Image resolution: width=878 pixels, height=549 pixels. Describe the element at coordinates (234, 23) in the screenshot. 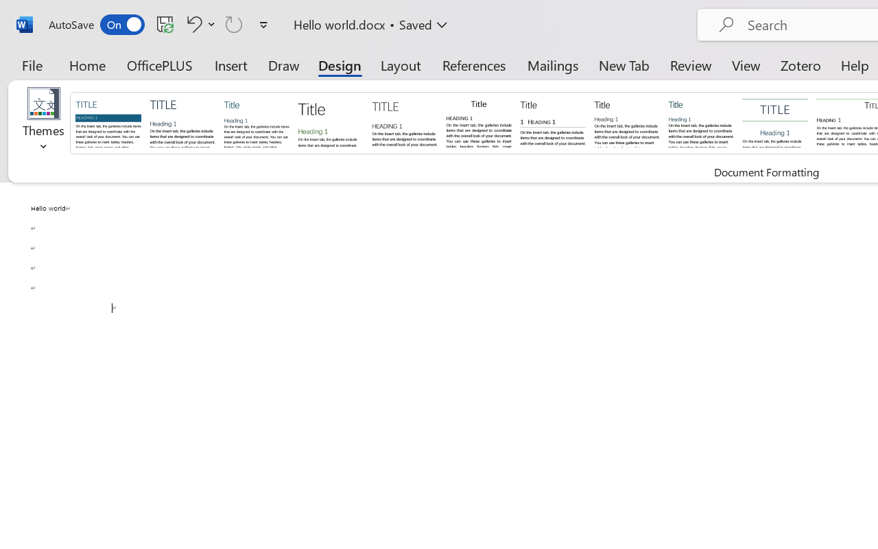

I see `'Can'` at that location.